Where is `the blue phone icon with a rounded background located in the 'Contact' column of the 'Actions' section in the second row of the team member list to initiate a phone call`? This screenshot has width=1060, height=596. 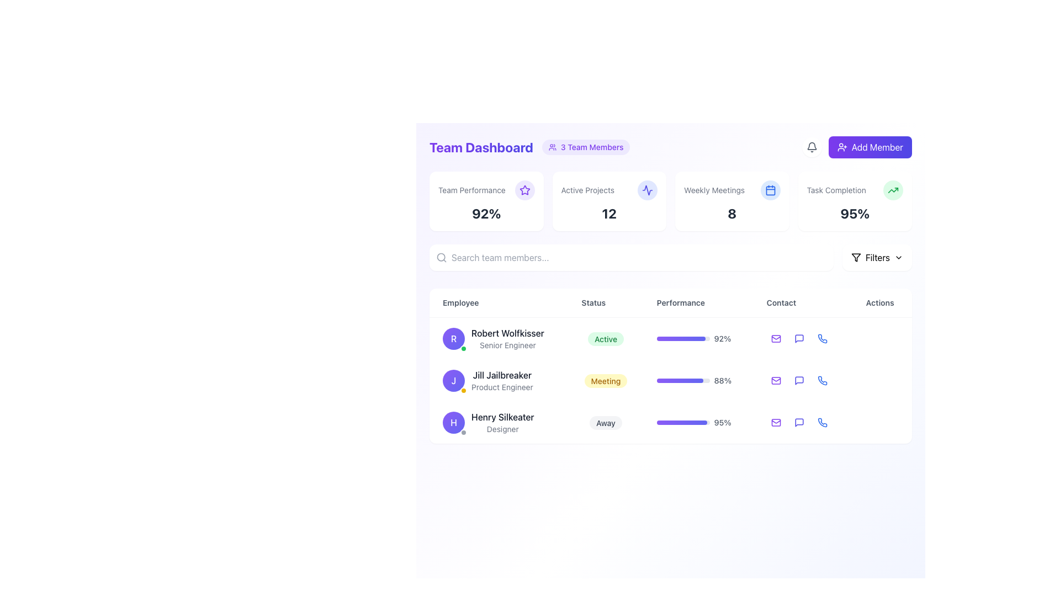
the blue phone icon with a rounded background located in the 'Contact' column of the 'Actions' section in the second row of the team member list to initiate a phone call is located at coordinates (821, 380).